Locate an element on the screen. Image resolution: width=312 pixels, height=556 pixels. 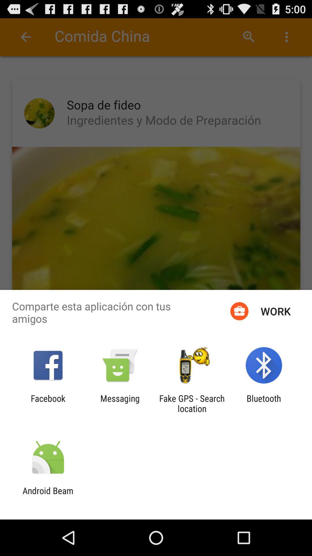
the android beam is located at coordinates (48, 495).